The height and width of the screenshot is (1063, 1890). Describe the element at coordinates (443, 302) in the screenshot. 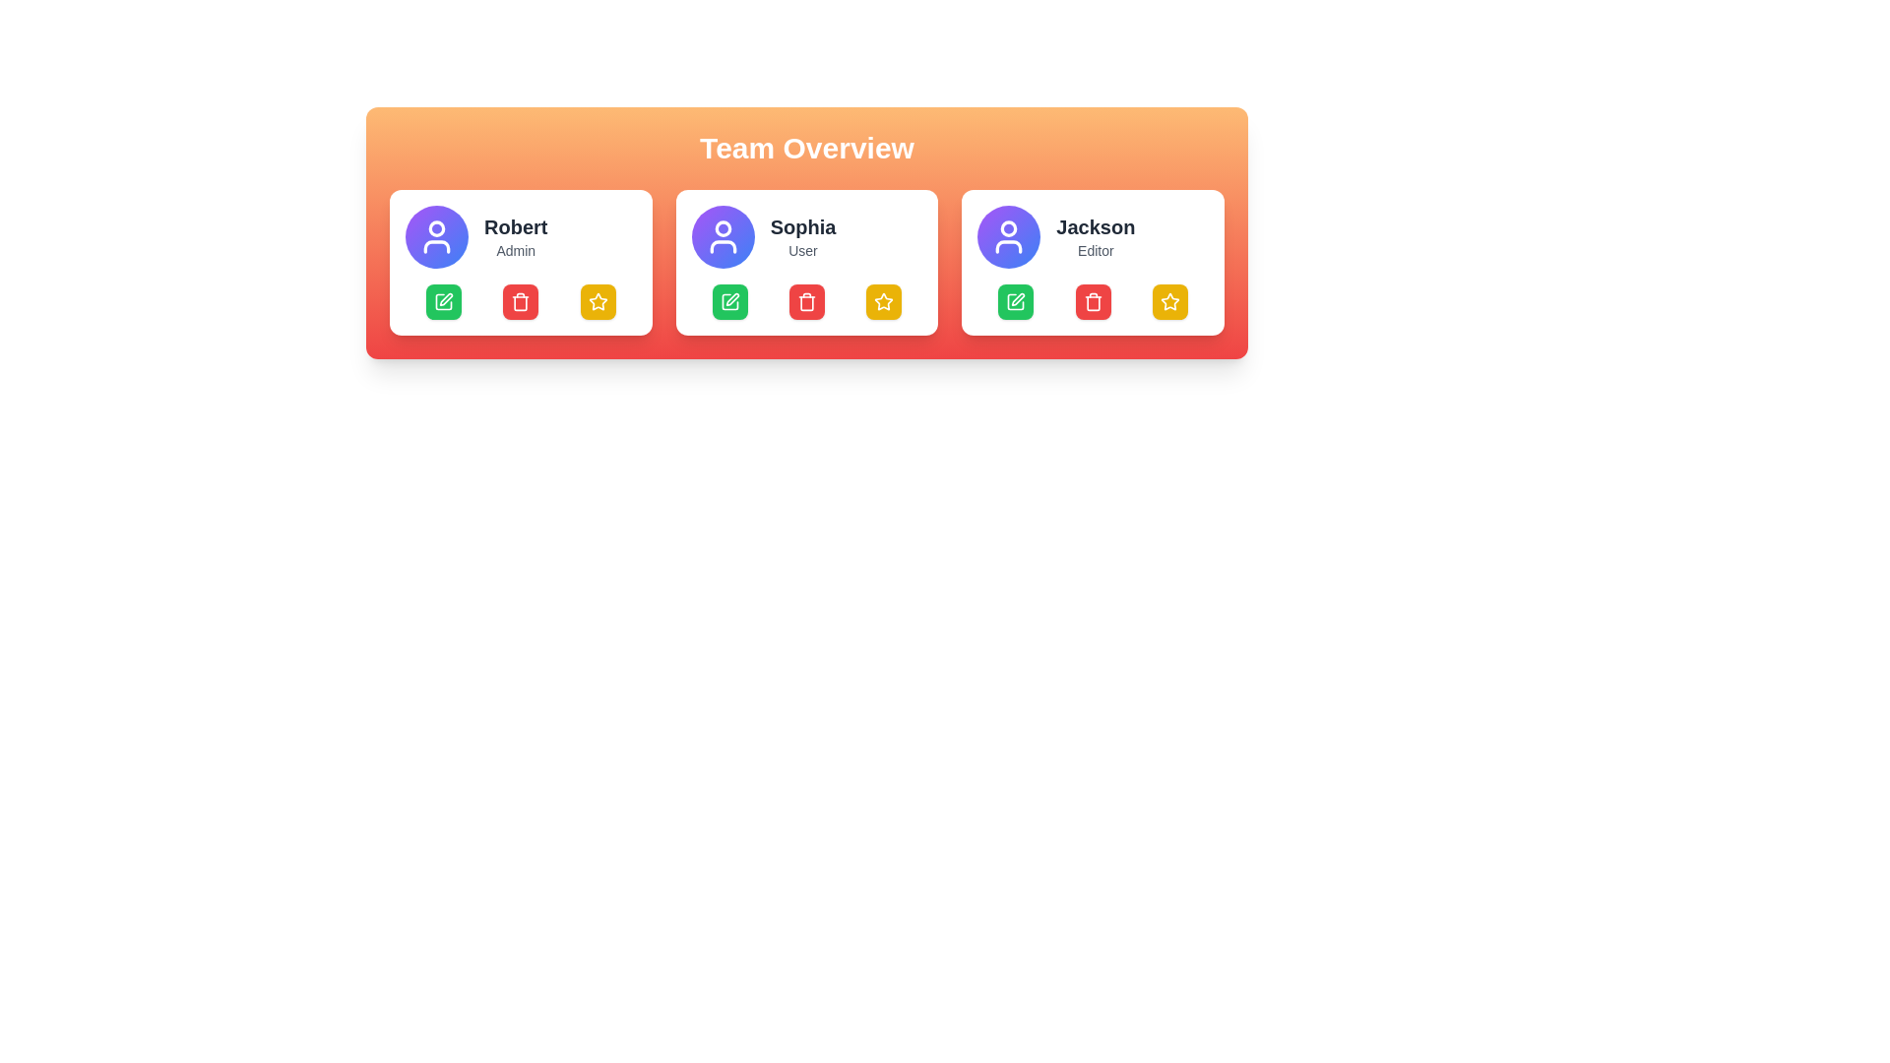

I see `the edit icon button located under the name 'Robert' in the user card interface` at that location.